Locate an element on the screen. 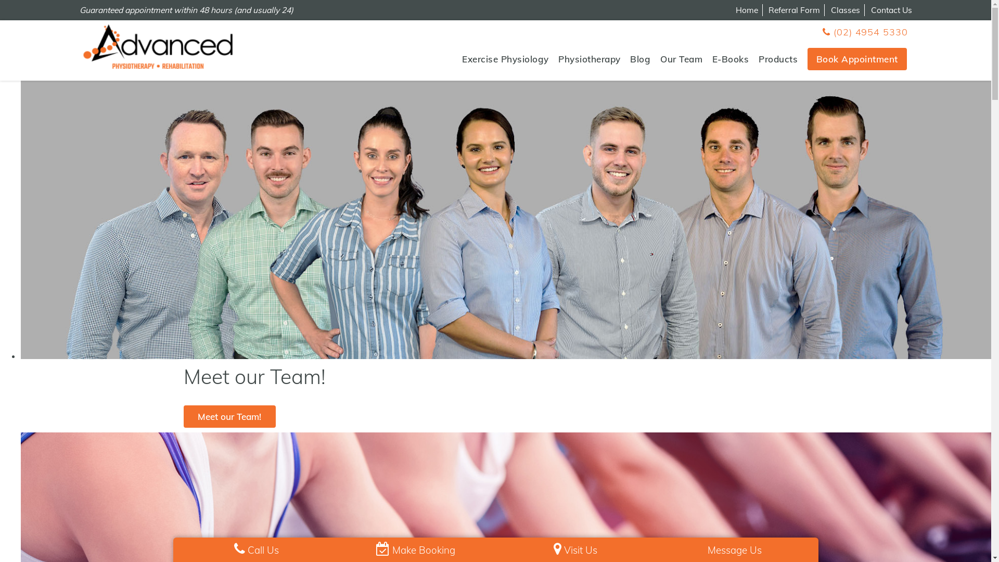 The image size is (999, 562). 'Home' is located at coordinates (746, 10).